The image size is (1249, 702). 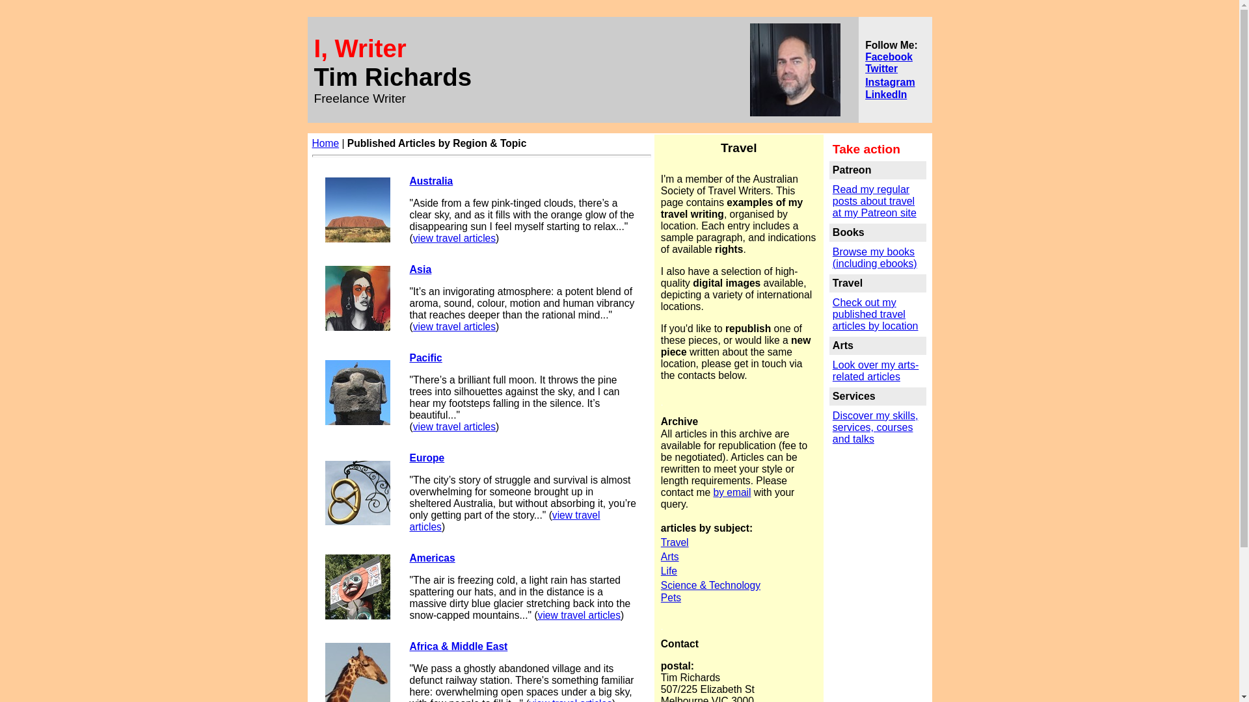 I want to click on 'Facebook', so click(x=865, y=55).